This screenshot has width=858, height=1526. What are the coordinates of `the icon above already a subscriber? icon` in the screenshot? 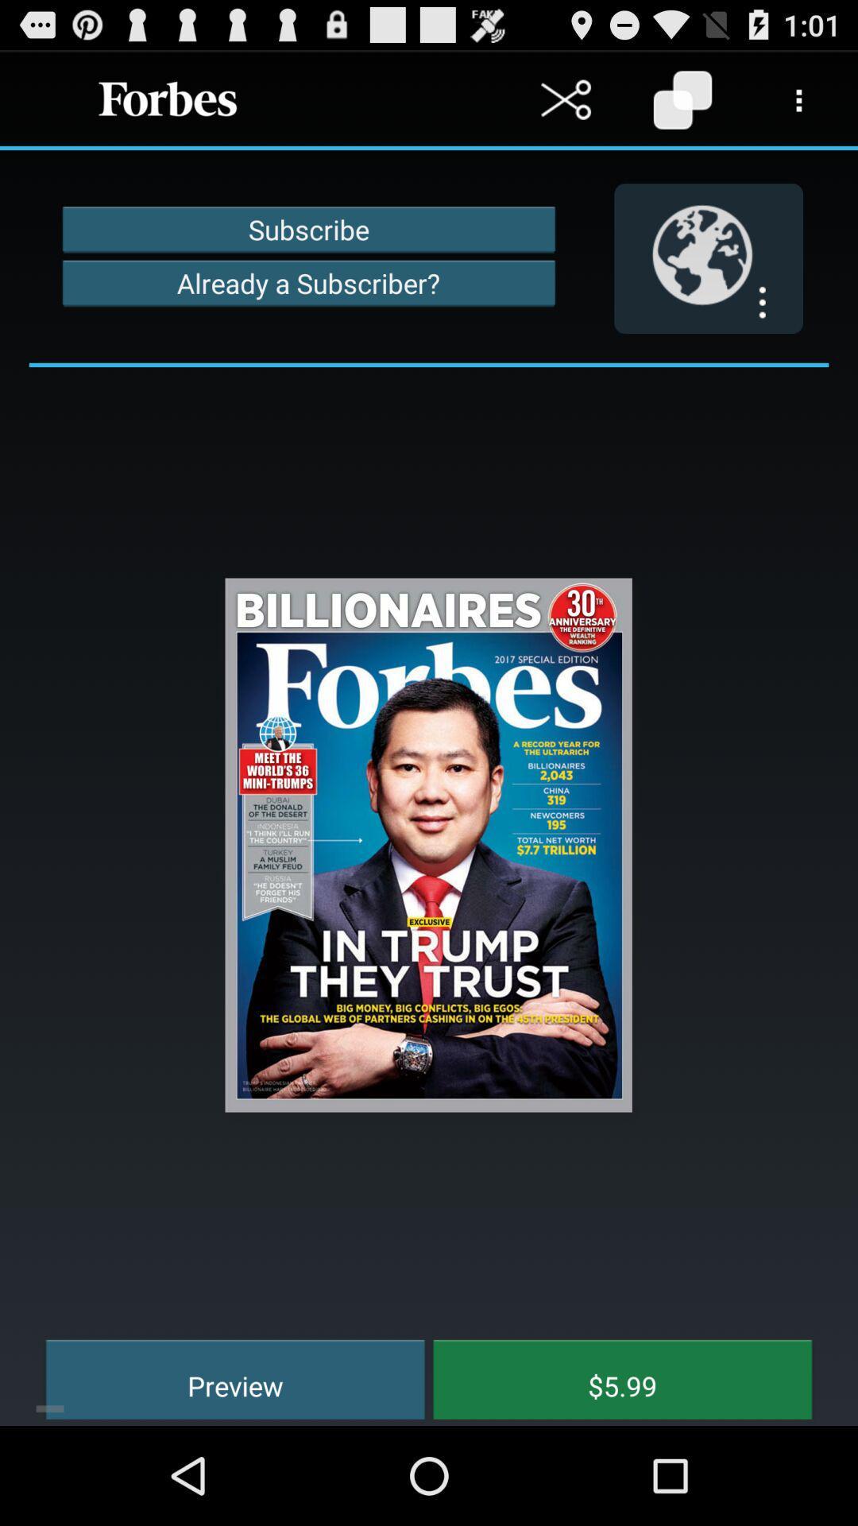 It's located at (308, 228).